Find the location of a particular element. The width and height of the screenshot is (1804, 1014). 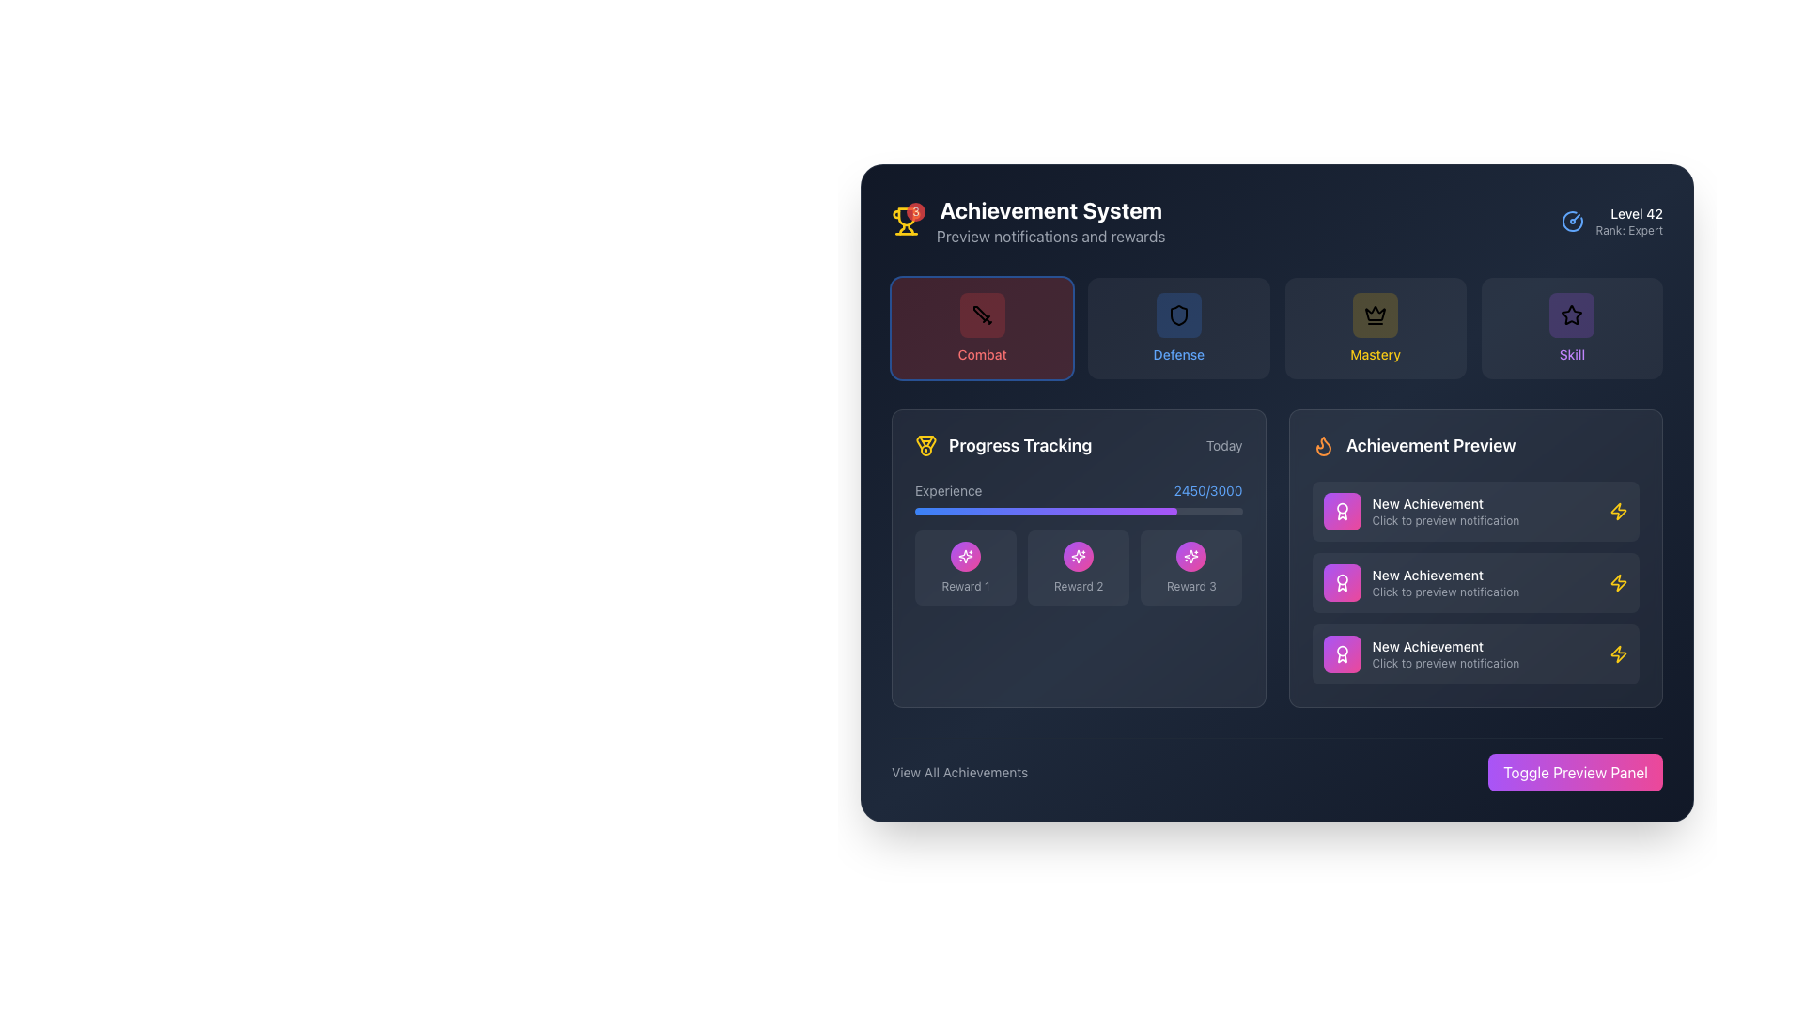

the 'Reward 2' button located in the 'Progress Tracking' section is located at coordinates (1079, 543).